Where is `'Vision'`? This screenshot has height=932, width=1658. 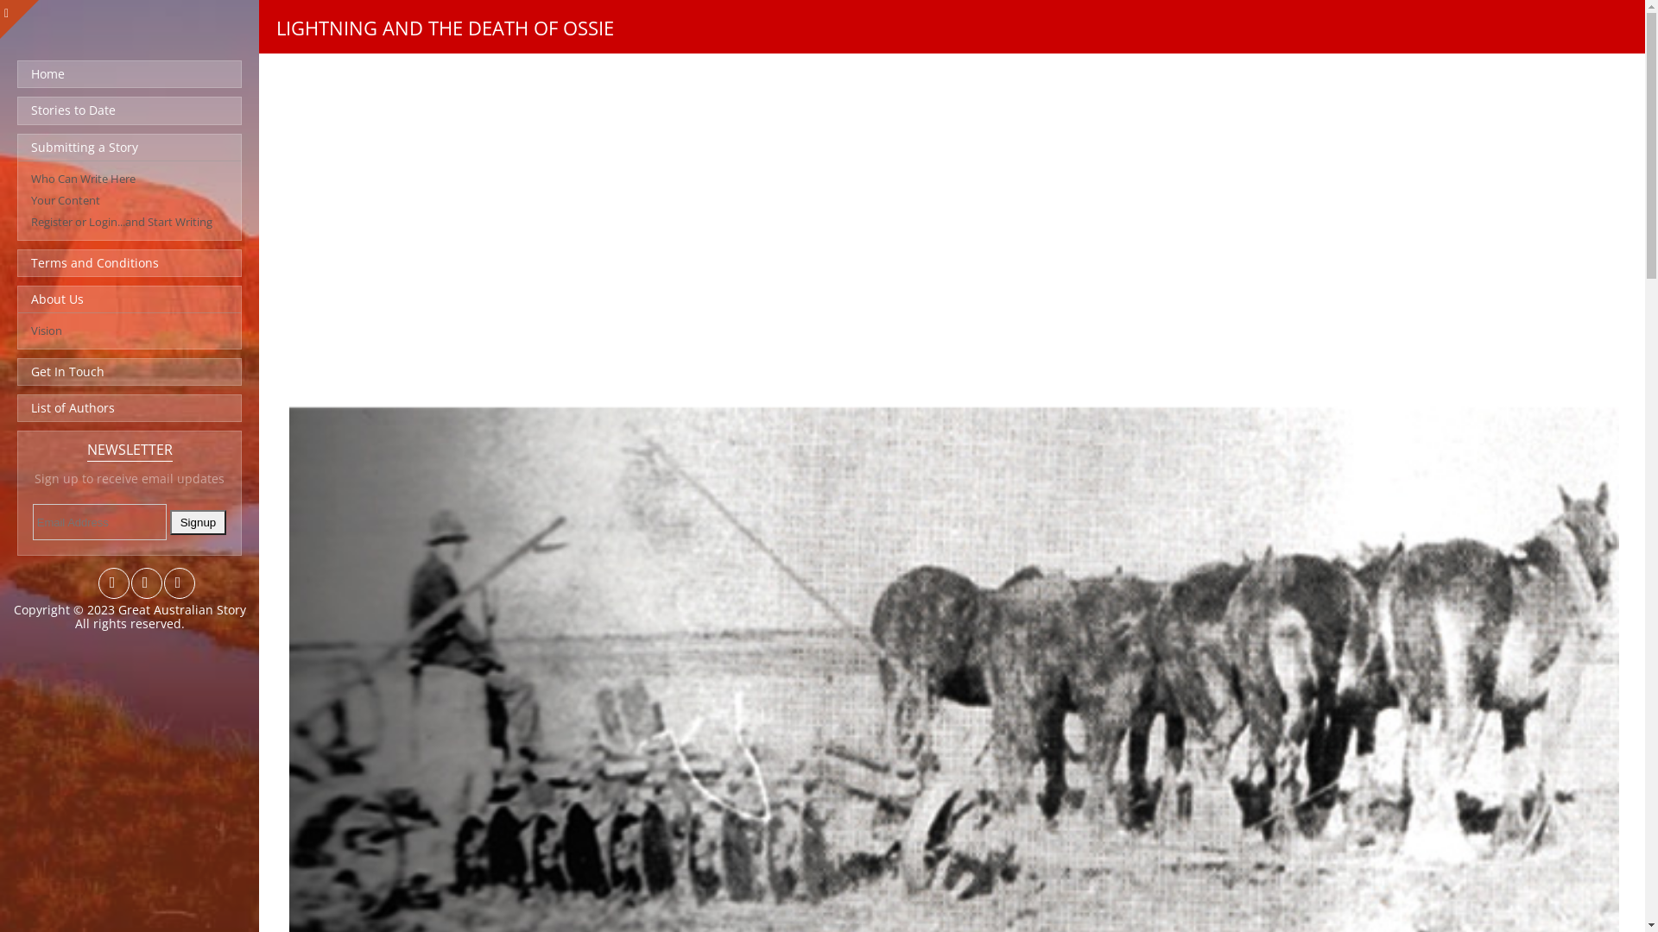 'Vision' is located at coordinates (17, 330).